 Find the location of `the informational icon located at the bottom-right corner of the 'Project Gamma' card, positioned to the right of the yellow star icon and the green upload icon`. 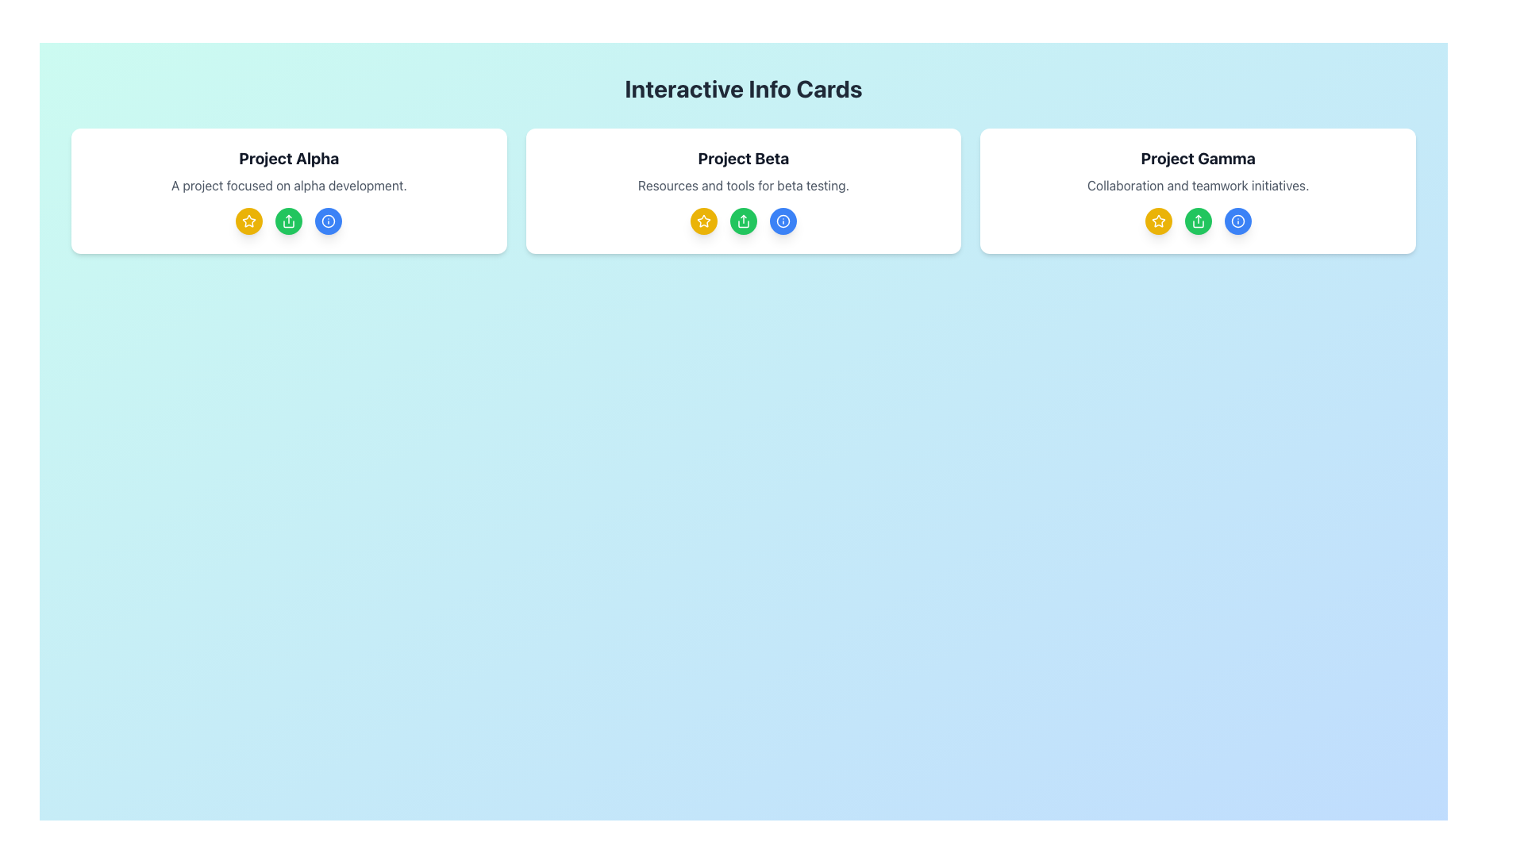

the informational icon located at the bottom-right corner of the 'Project Gamma' card, positioned to the right of the yellow star icon and the green upload icon is located at coordinates (1237, 221).